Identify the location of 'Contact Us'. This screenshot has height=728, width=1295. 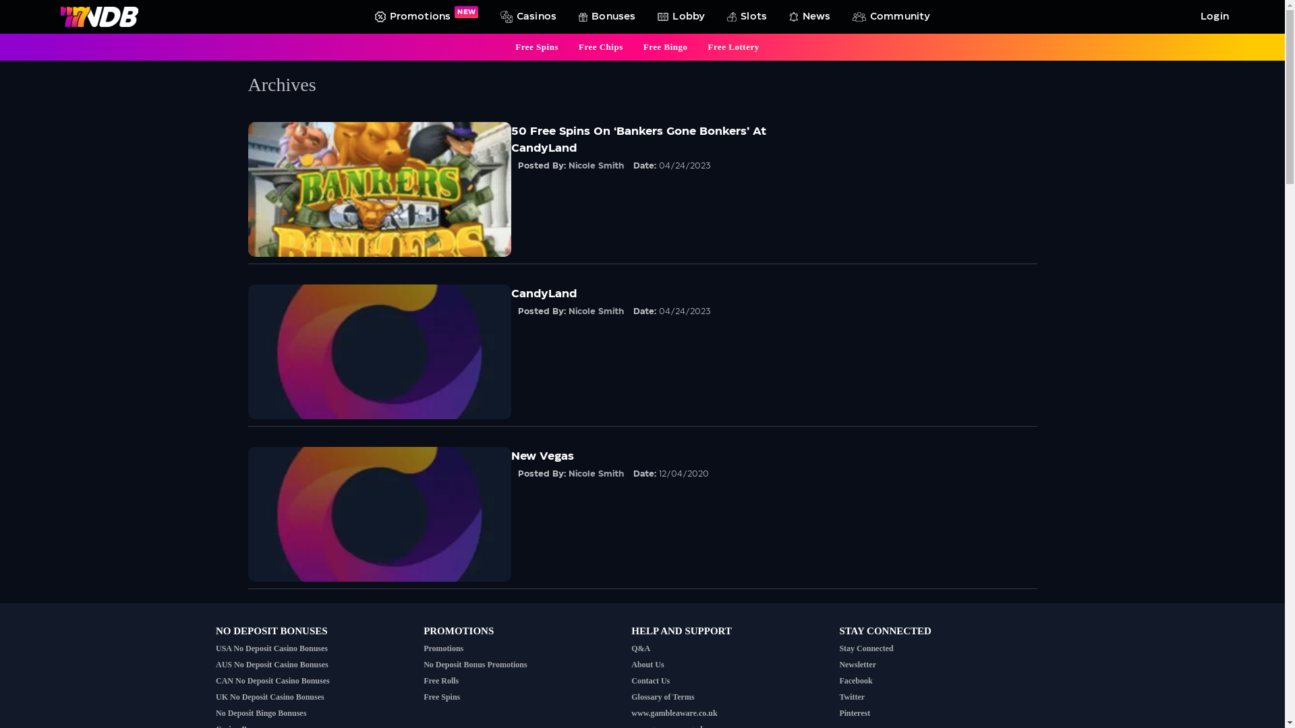
(650, 681).